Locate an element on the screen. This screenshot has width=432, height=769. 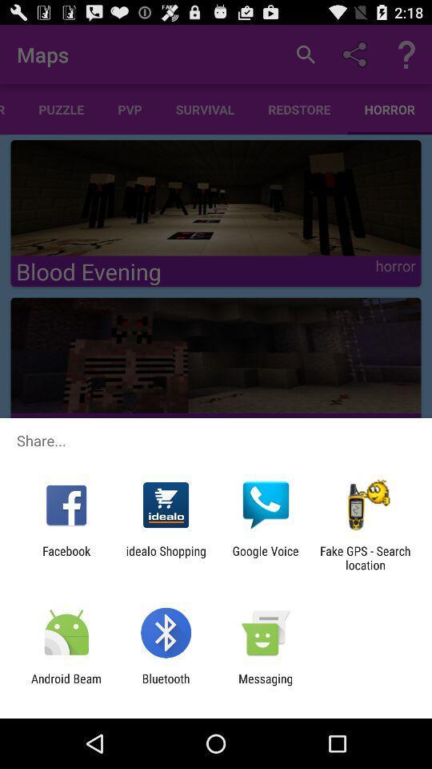
the icon to the left of the idealo shopping is located at coordinates (66, 558).